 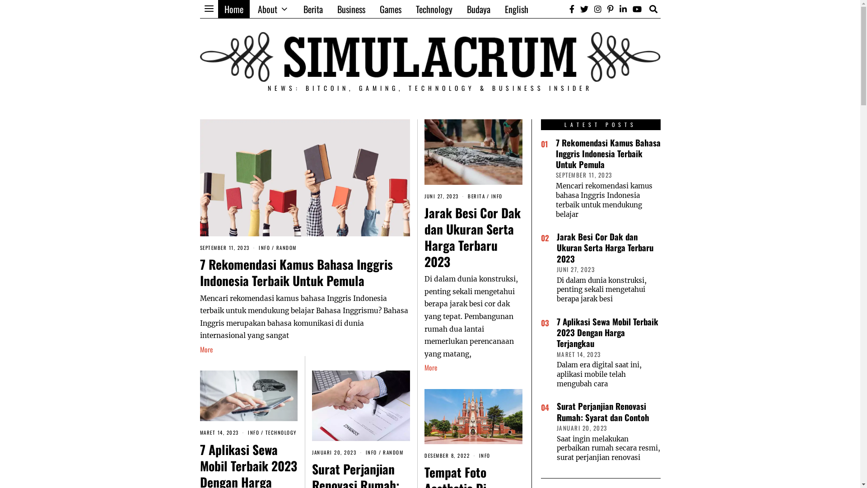 What do you see at coordinates (383, 452) in the screenshot?
I see `'RANDOM'` at bounding box center [383, 452].